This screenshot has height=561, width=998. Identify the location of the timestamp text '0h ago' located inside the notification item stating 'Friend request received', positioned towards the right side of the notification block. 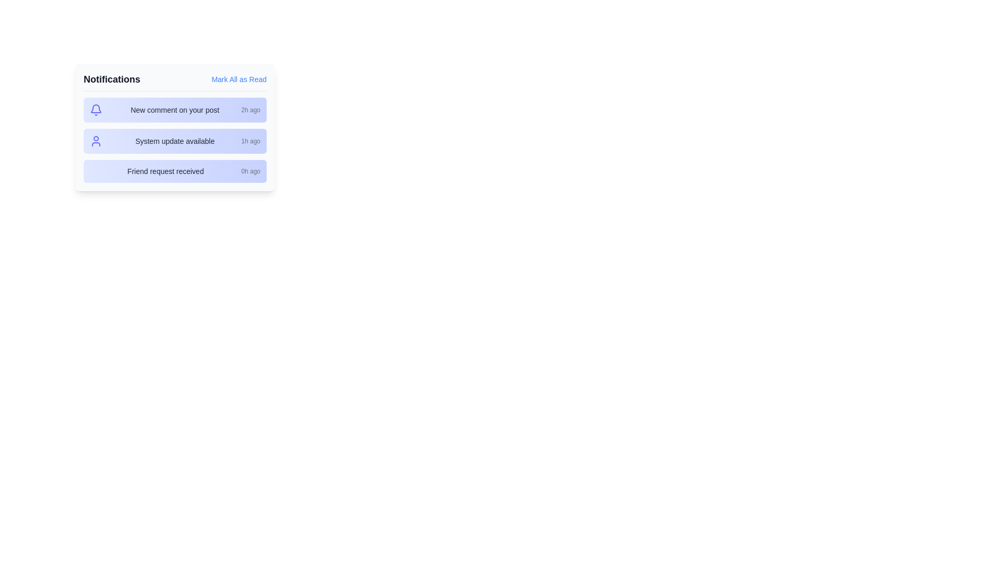
(251, 171).